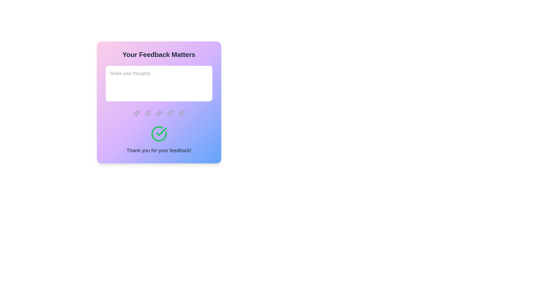 Image resolution: width=533 pixels, height=300 pixels. What do you see at coordinates (170, 113) in the screenshot?
I see `the sparkly star icon, which is the third icon in a row of five` at bounding box center [170, 113].